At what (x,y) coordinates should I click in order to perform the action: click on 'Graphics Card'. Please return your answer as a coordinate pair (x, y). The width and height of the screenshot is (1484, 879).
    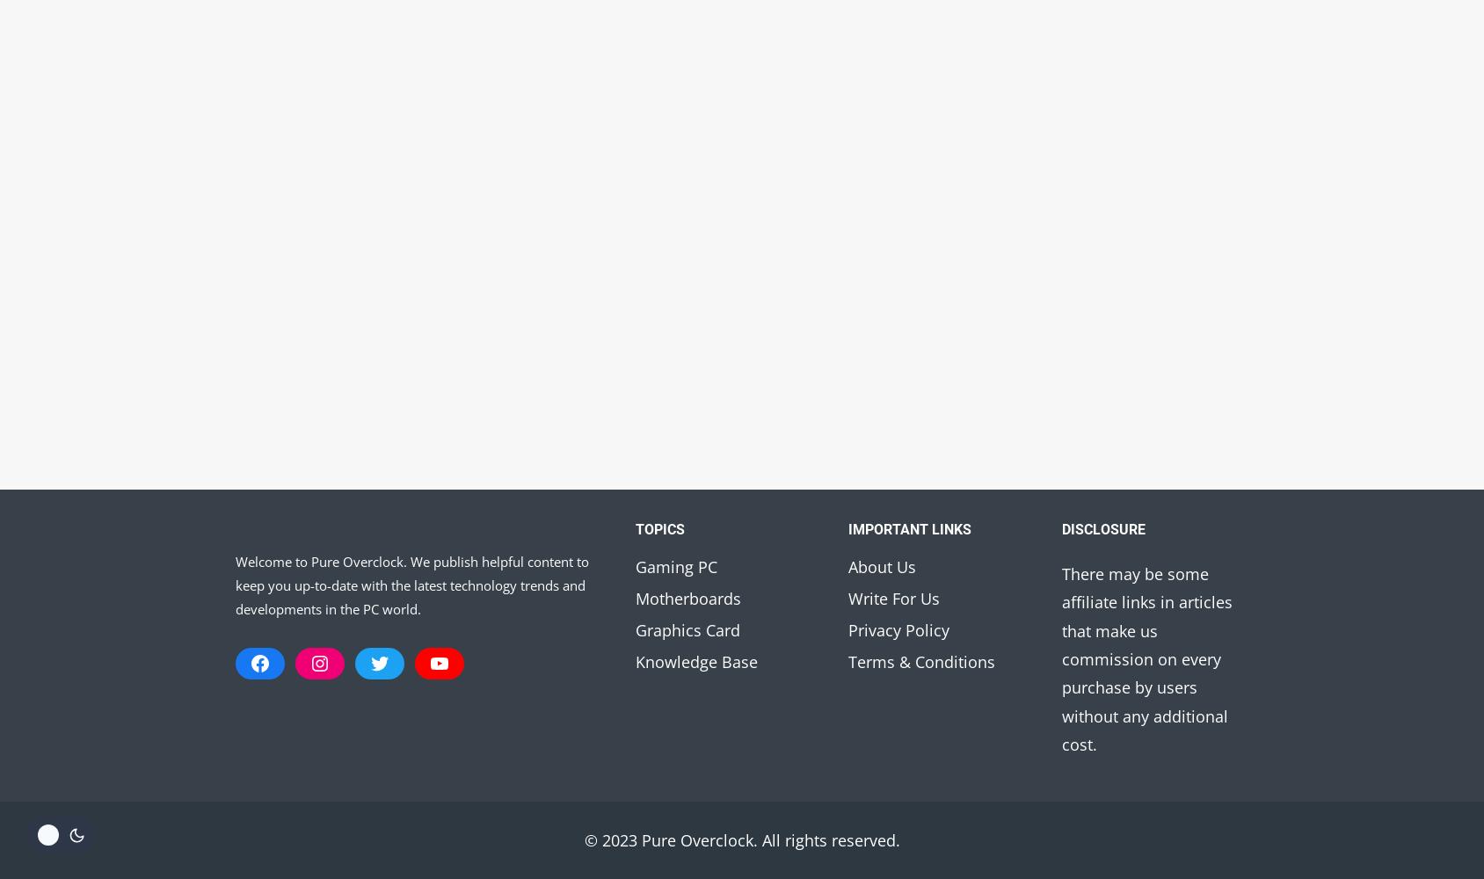
    Looking at the image, I should click on (633, 628).